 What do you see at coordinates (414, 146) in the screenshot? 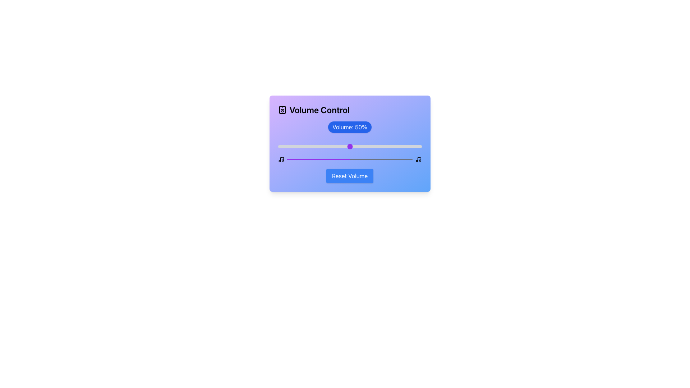
I see `the volume slider` at bounding box center [414, 146].